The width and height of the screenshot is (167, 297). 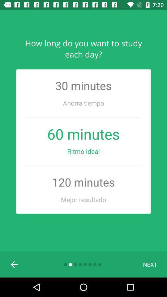 I want to click on icon at the bottom left corner, so click(x=15, y=264).